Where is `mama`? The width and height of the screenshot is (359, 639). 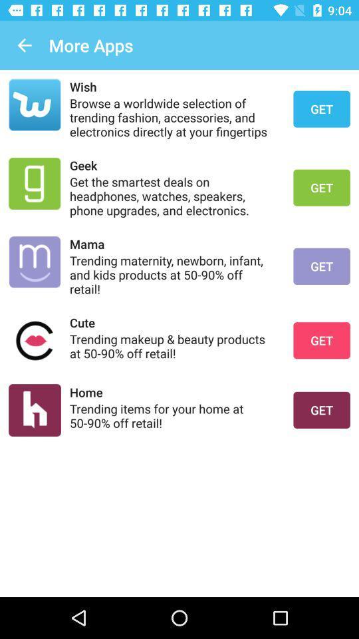 mama is located at coordinates (173, 243).